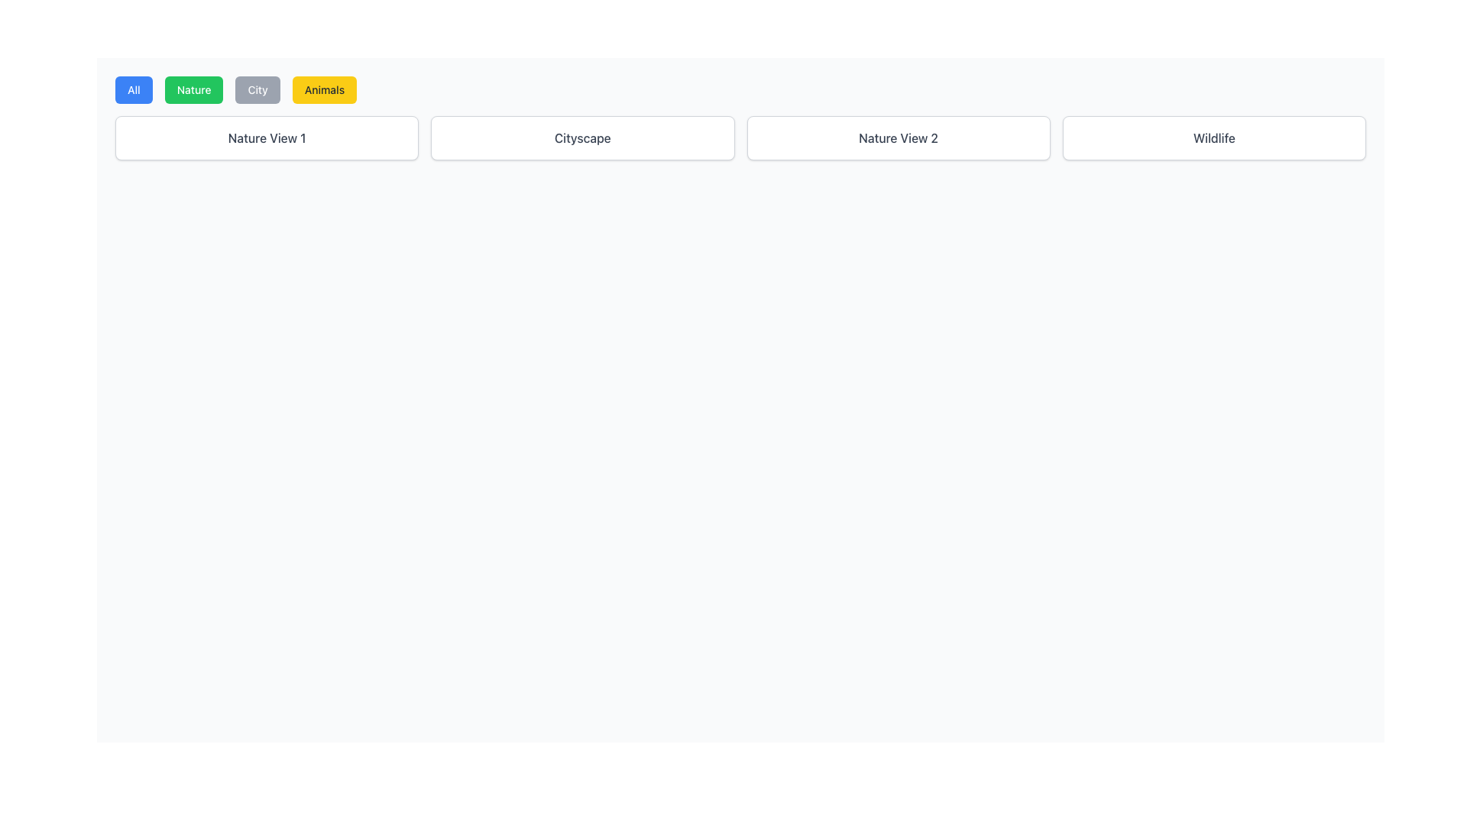  Describe the element at coordinates (1213, 138) in the screenshot. I see `the 'Wildlife' label, which is a rectangular panel with a white background and dark gray text, located in the fourth position of a horizontally aligned grid near the top of the interface` at that location.